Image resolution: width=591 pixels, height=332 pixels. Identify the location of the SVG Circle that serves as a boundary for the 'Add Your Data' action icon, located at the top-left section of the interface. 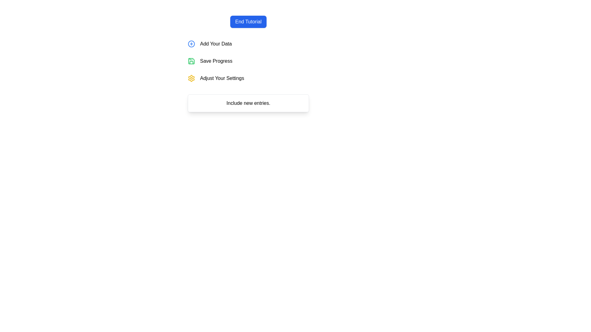
(191, 43).